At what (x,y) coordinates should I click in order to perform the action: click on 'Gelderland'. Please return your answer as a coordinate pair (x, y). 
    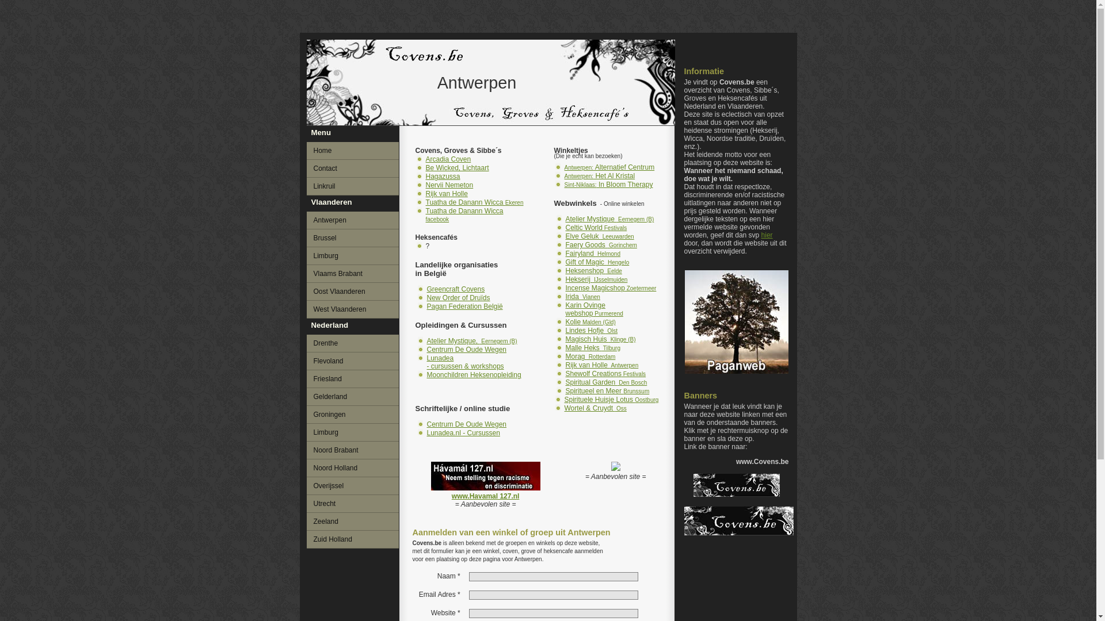
    Looking at the image, I should click on (351, 396).